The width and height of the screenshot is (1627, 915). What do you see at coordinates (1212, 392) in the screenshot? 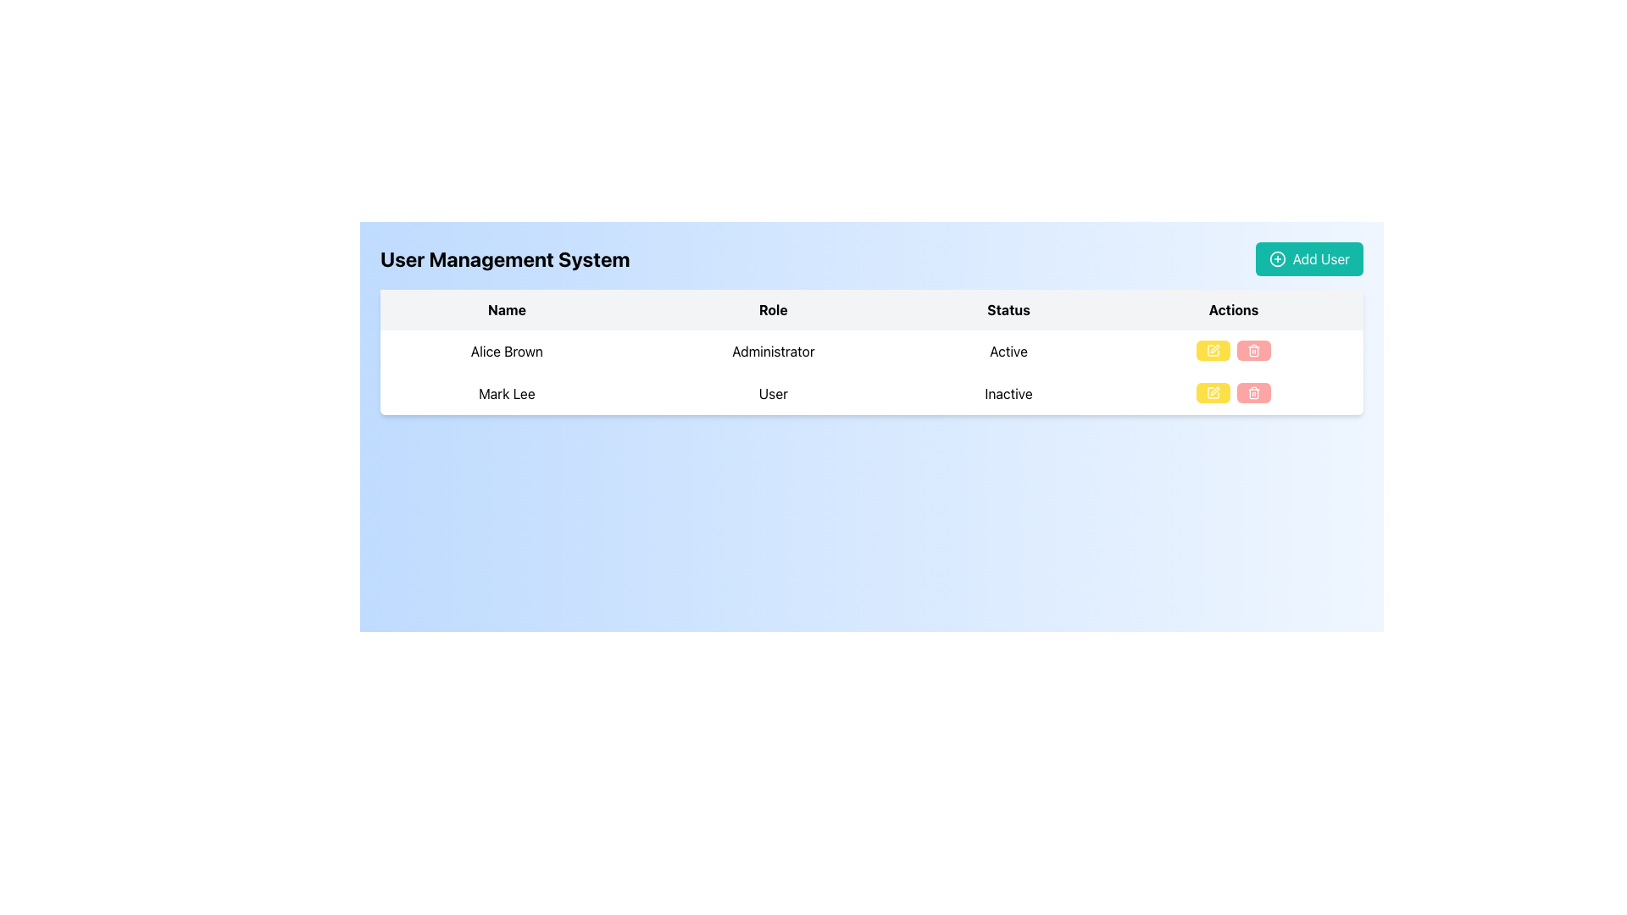
I see `the icon button located in the 'Actions' column of the second row in the user management table, which has a yellow background and serves` at bounding box center [1212, 392].